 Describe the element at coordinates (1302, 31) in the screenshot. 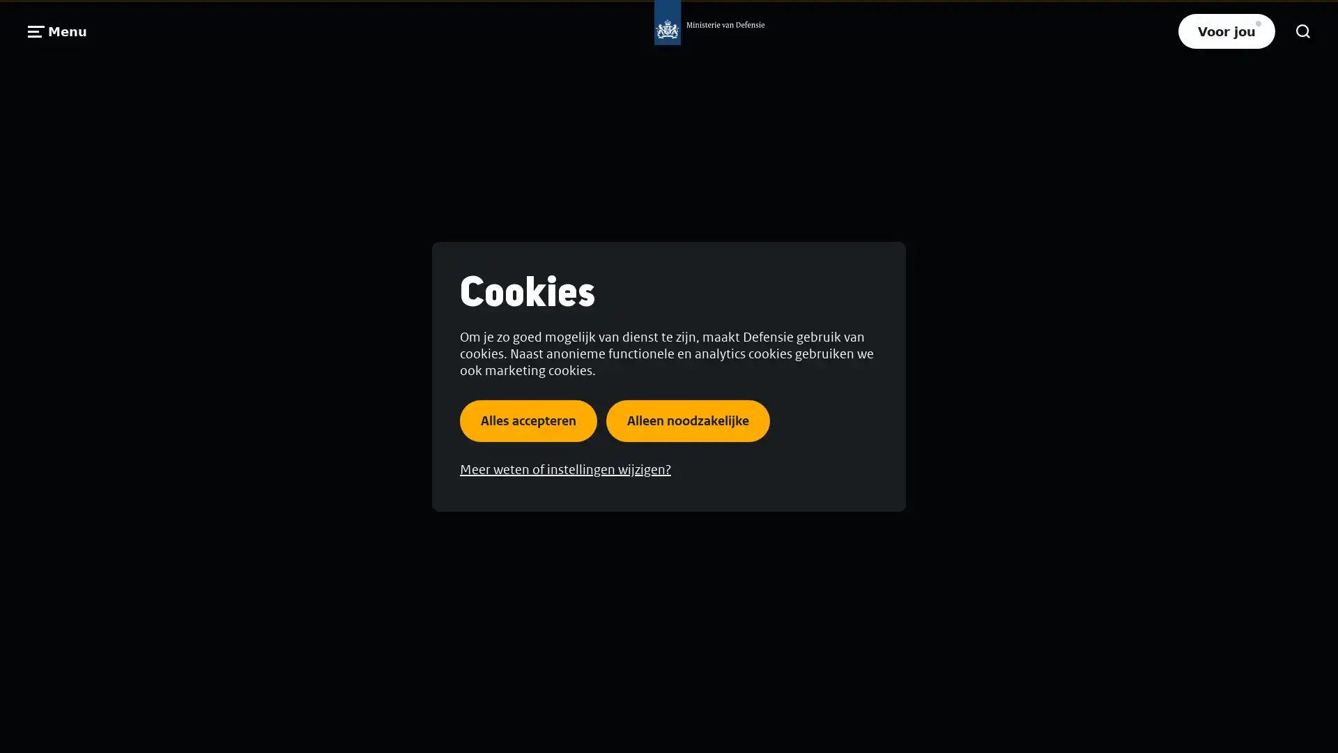

I see `Zoeken openen` at that location.